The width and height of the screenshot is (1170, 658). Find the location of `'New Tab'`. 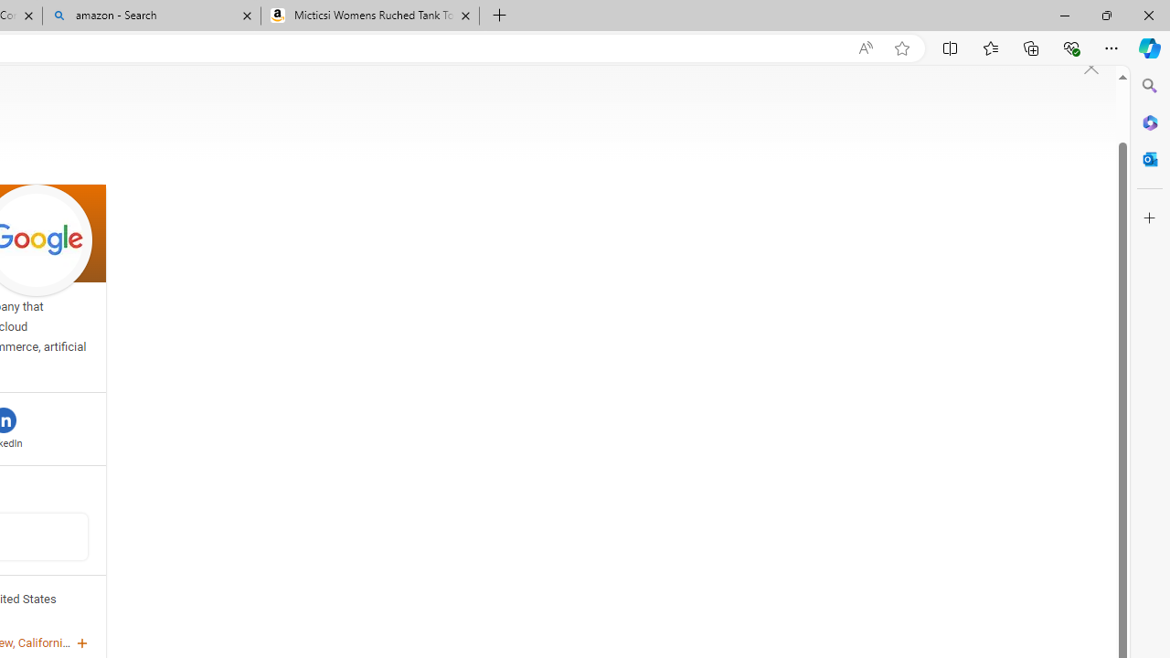

'New Tab' is located at coordinates (499, 16).